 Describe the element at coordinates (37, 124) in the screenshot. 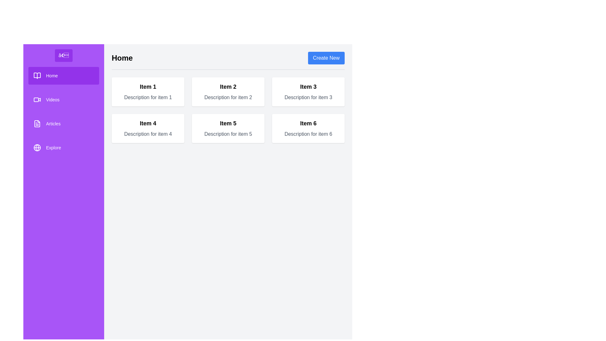

I see `the 'Articles' icon located in the sidebar navigation` at that location.